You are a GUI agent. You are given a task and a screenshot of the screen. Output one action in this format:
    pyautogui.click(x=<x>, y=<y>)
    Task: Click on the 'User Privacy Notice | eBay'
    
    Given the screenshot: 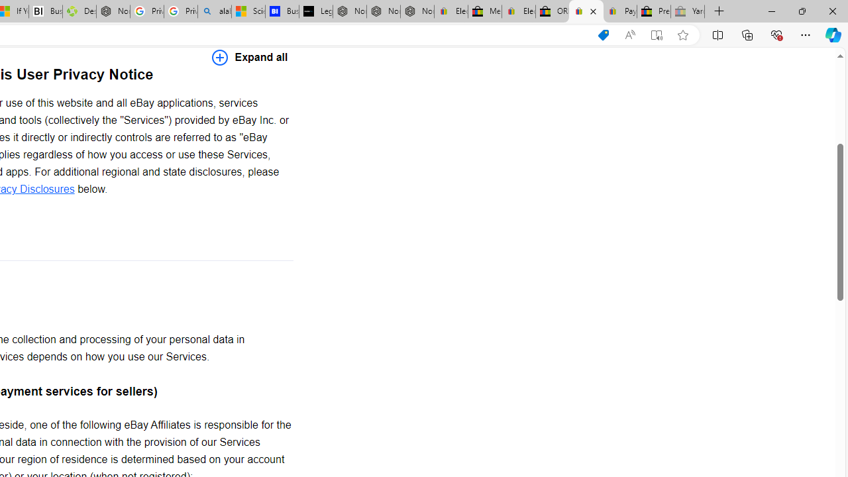 What is the action you would take?
    pyautogui.click(x=586, y=11)
    